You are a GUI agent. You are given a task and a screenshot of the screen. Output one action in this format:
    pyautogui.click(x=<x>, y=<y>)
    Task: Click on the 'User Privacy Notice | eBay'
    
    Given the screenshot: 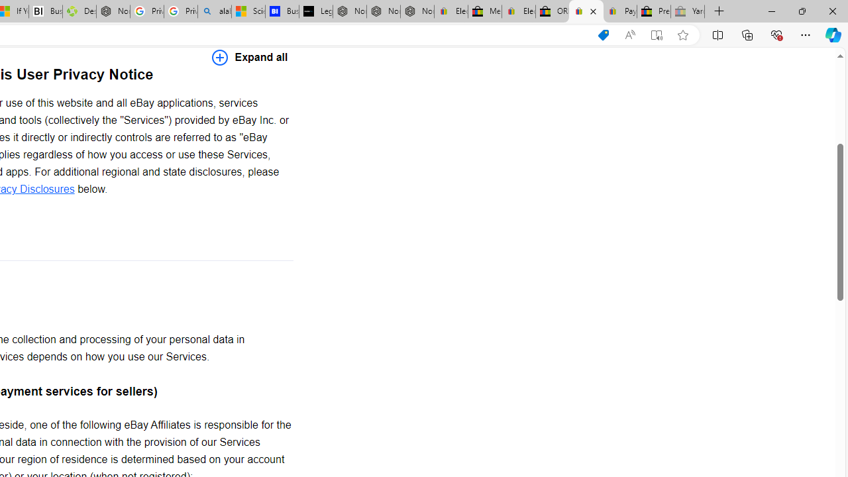 What is the action you would take?
    pyautogui.click(x=586, y=11)
    